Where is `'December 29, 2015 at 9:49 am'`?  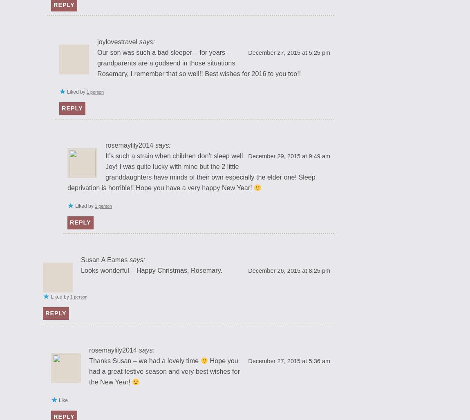
'December 29, 2015 at 9:49 am' is located at coordinates (289, 156).